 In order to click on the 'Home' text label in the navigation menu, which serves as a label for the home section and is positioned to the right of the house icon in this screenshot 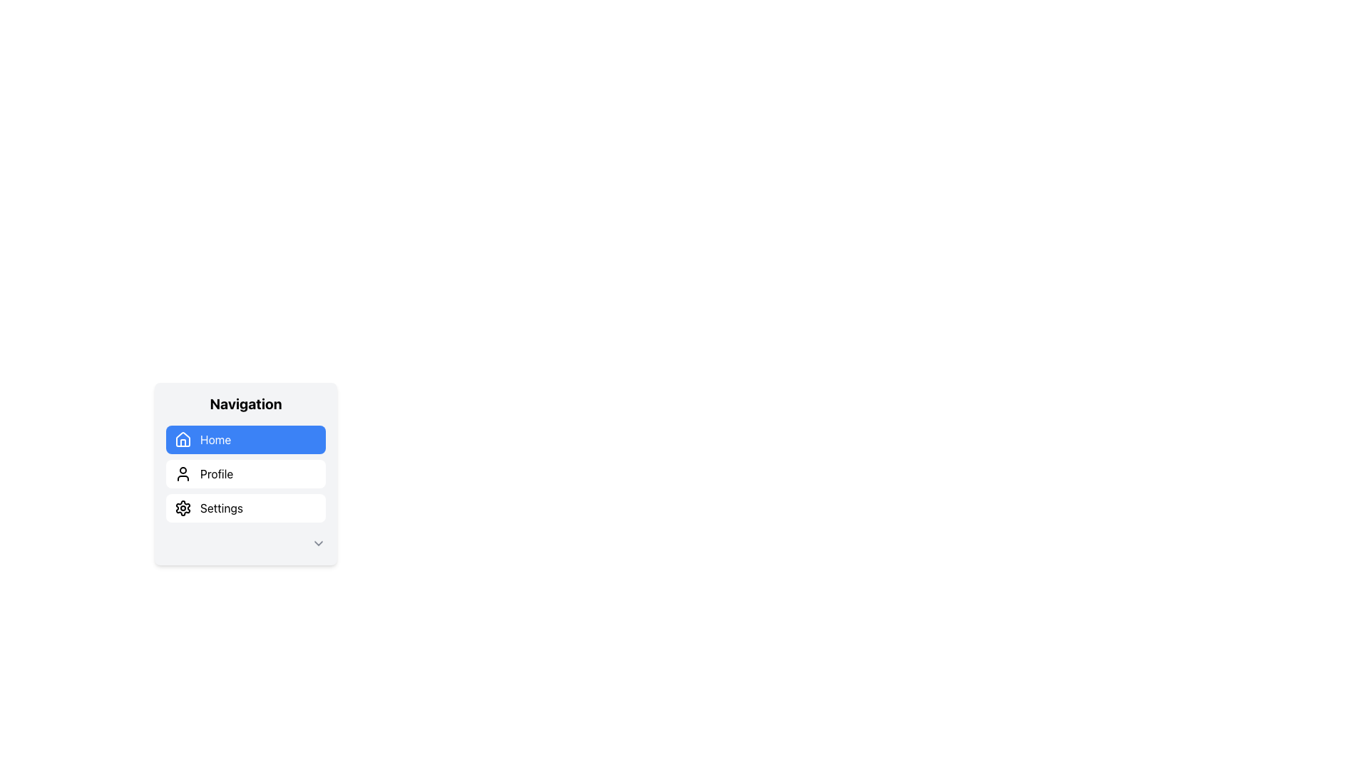, I will do `click(215, 439)`.